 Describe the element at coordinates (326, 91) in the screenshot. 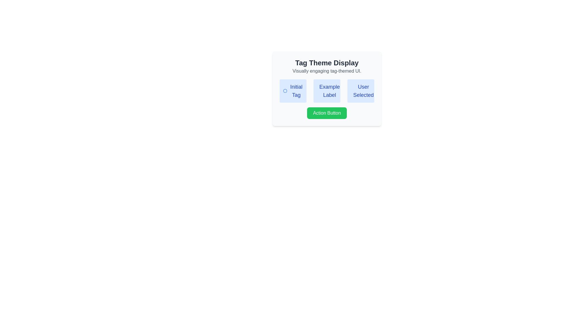

I see `the static label with the text 'Example Label' that has a light blue background and is styled in blue, positioned in the center of the interface above the green 'Action Button'` at that location.